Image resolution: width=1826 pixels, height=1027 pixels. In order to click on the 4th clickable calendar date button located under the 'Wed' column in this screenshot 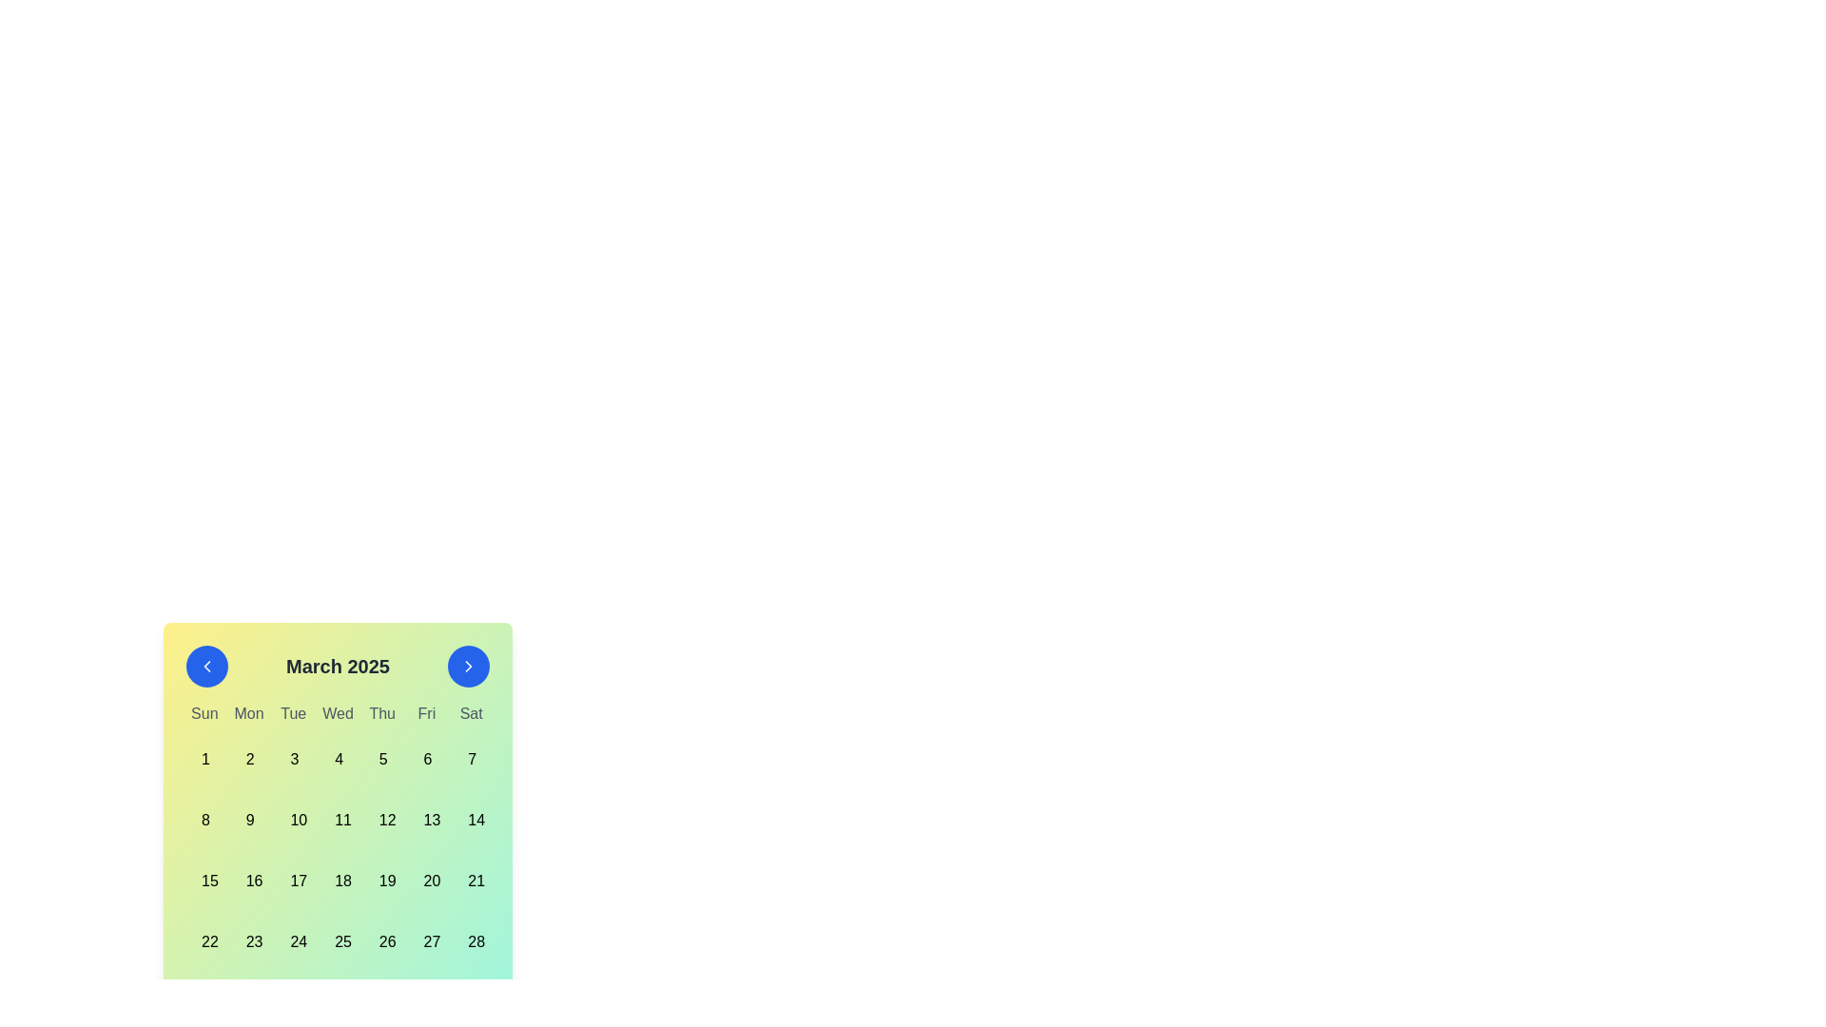, I will do `click(338, 758)`.